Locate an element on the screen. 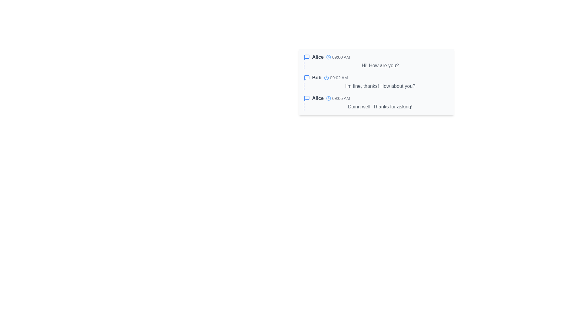 This screenshot has height=327, width=581. the icon representing the message sender 'Bob' in the conversation thread, which is located to the left of his name is located at coordinates (307, 78).